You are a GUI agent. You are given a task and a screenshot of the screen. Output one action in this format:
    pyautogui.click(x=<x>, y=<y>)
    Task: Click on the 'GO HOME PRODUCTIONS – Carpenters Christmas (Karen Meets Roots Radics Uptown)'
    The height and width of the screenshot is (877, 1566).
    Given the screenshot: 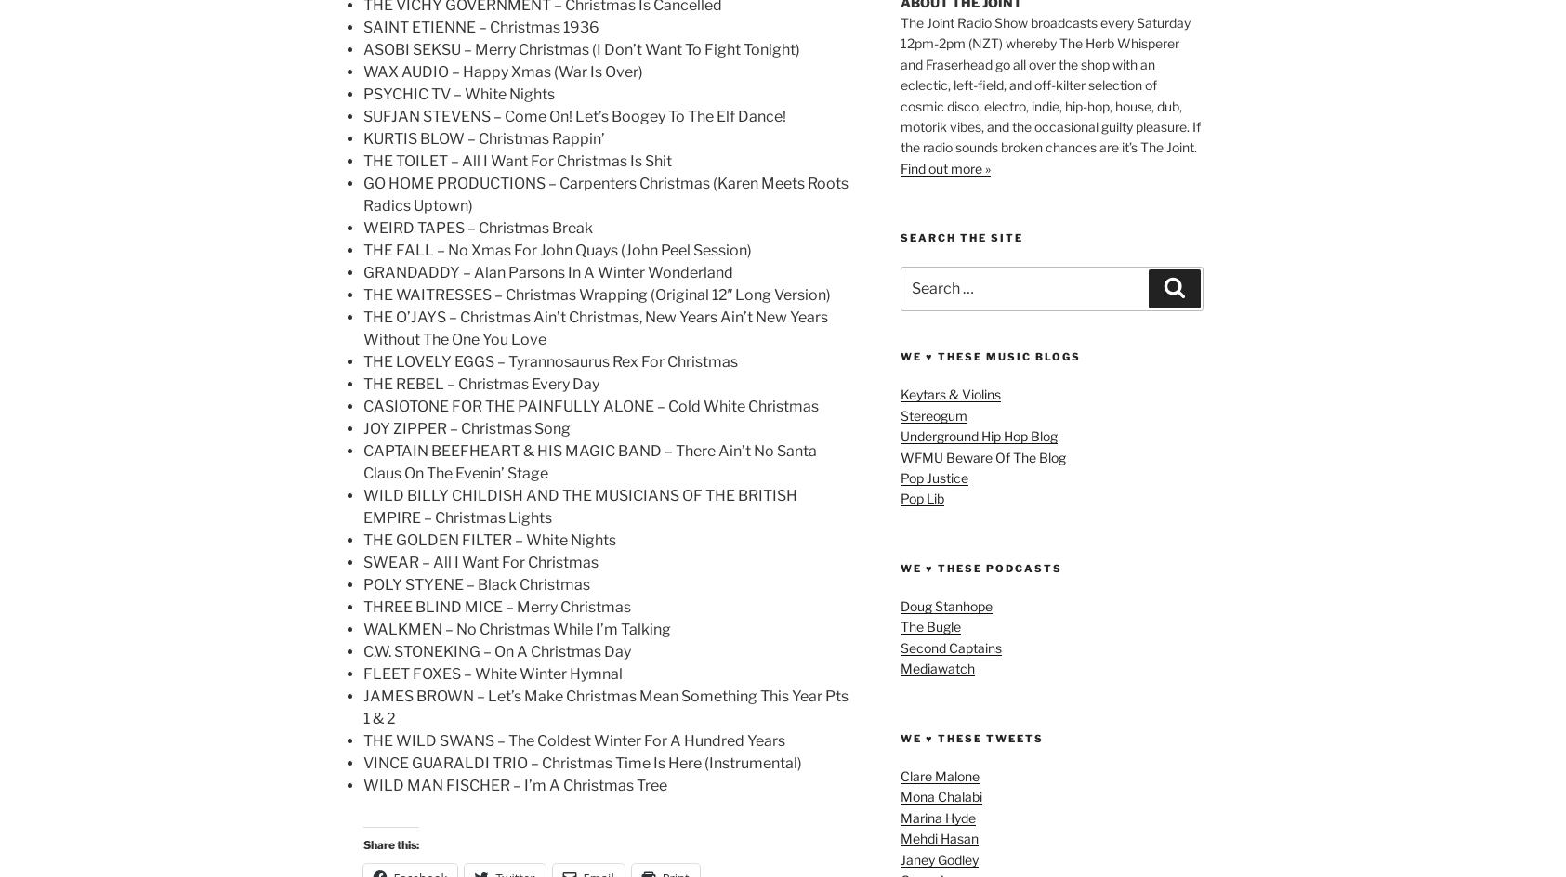 What is the action you would take?
    pyautogui.click(x=605, y=193)
    